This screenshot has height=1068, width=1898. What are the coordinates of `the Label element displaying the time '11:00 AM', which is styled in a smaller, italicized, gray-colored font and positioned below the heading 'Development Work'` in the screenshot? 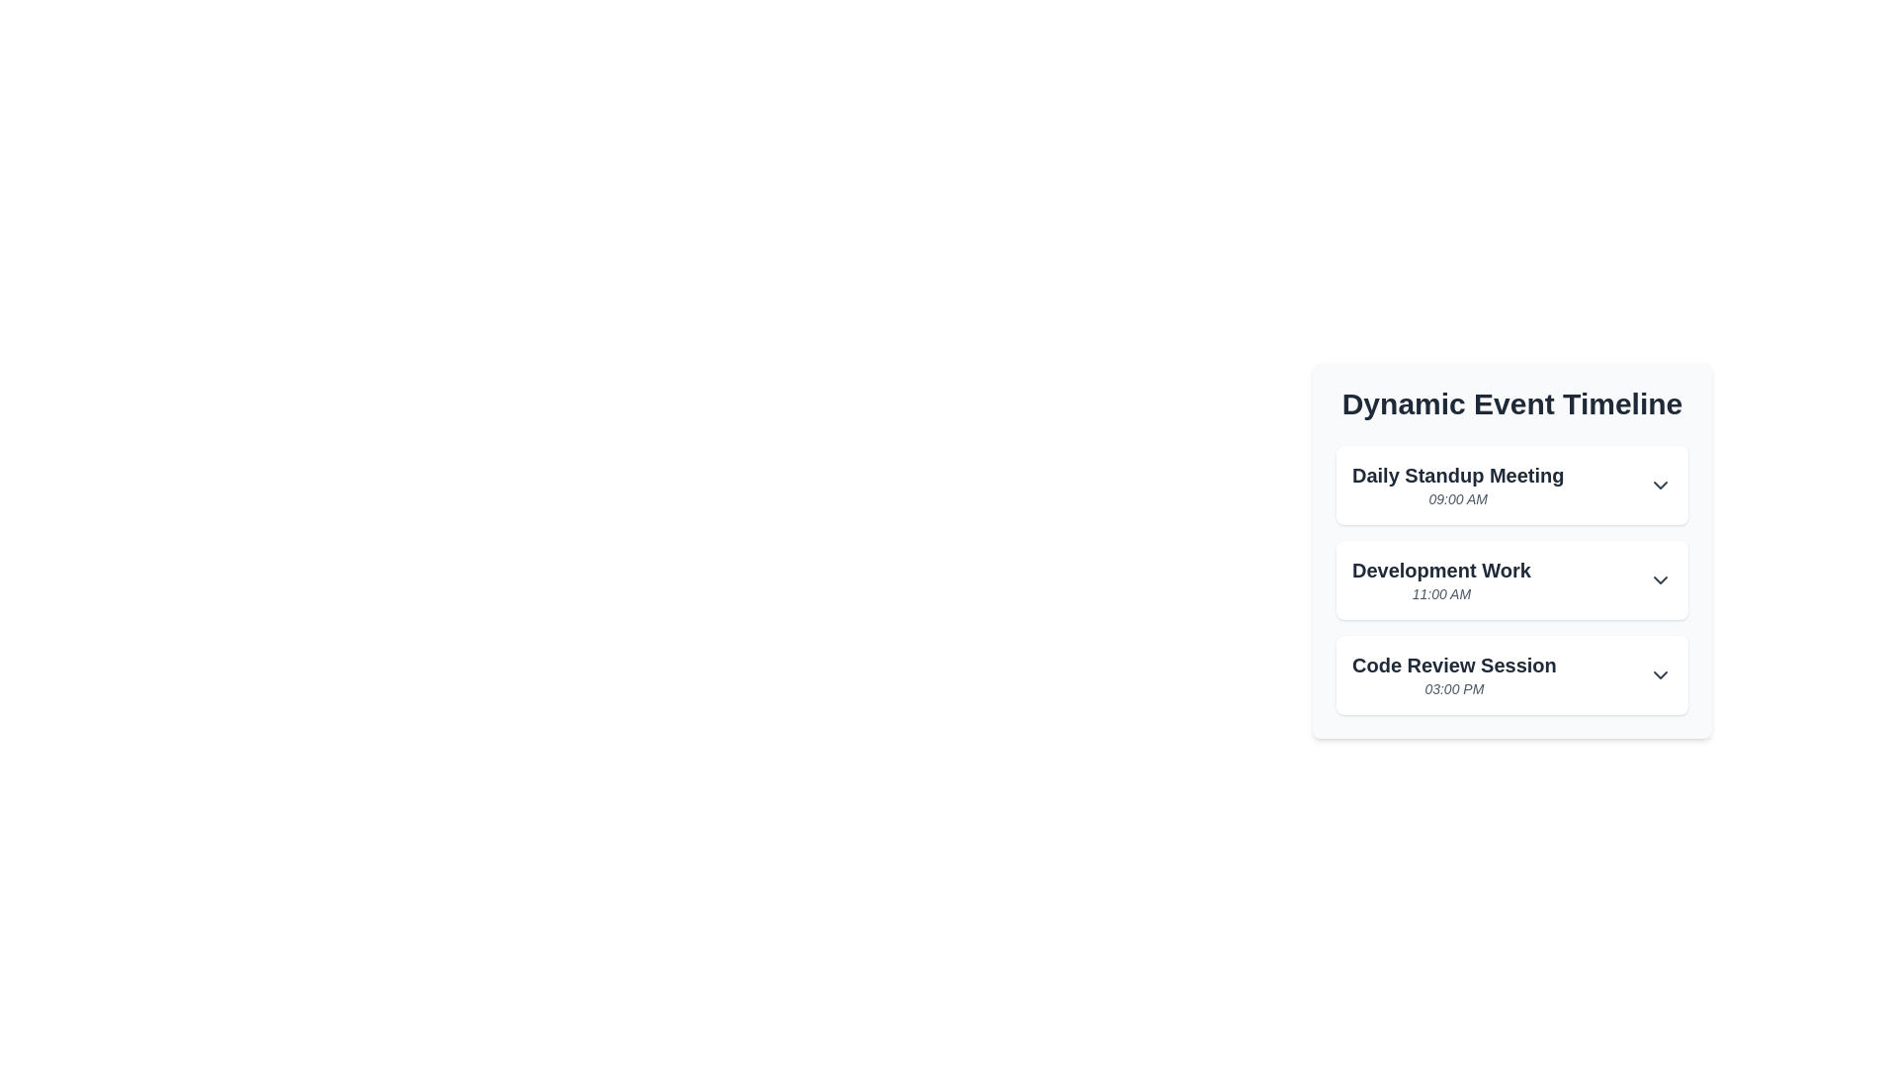 It's located at (1441, 593).